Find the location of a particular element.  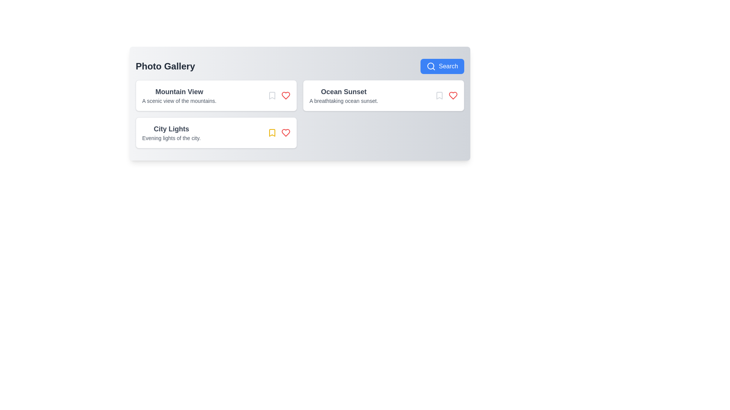

heart icon for the photo titled Mountain View to indicate preference is located at coordinates (286, 95).